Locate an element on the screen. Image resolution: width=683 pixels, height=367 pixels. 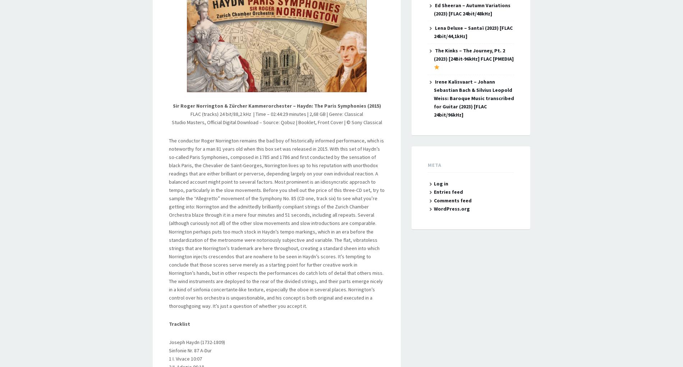
'Meta' is located at coordinates (434, 165).